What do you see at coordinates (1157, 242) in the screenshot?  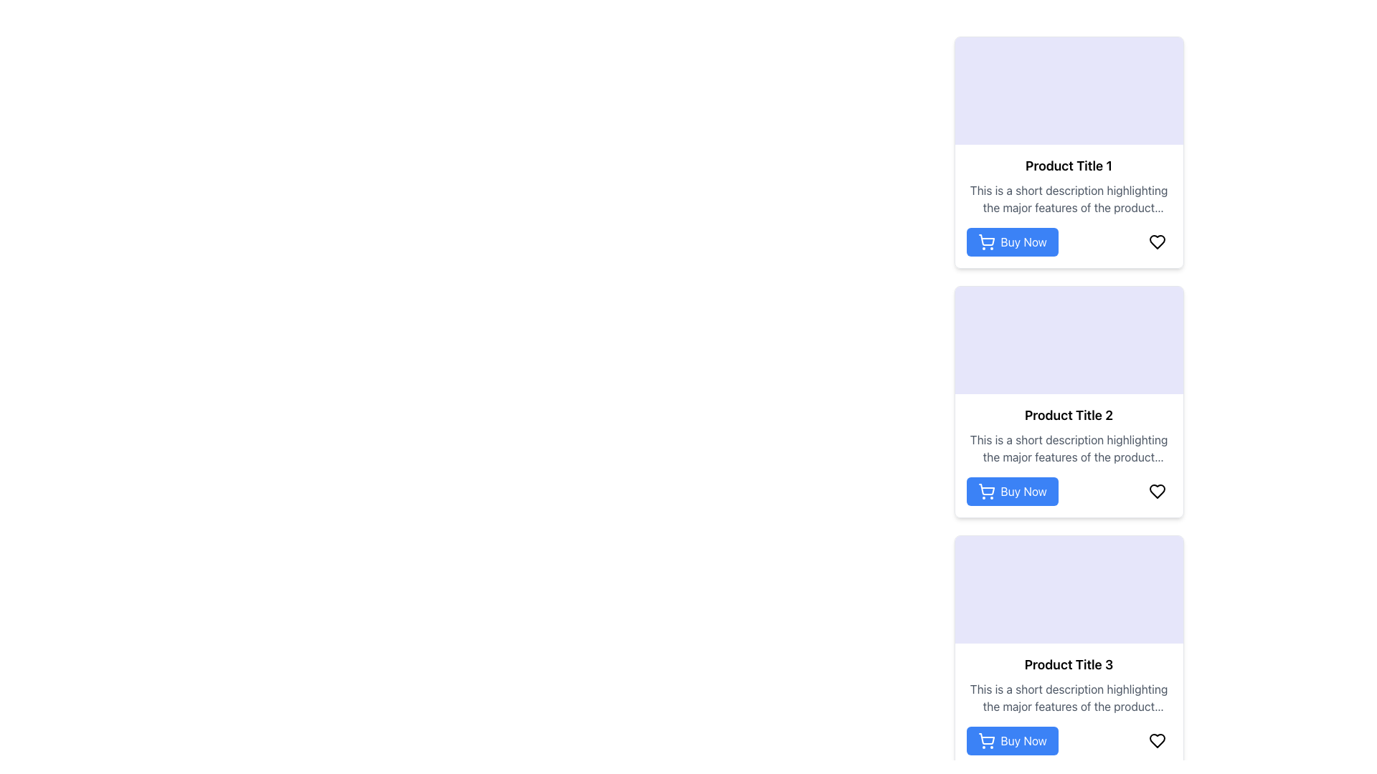 I see `the heart icon button located at the bottom-right corner of the card for 'Product Title 1' to mark the product as a favorite` at bounding box center [1157, 242].